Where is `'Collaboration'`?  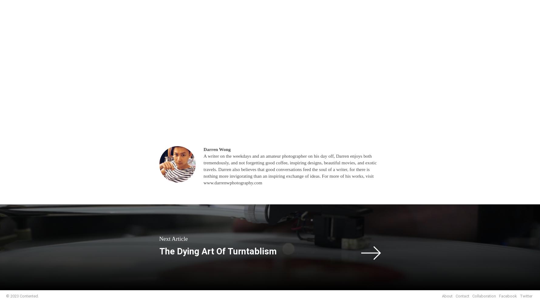
'Collaboration' is located at coordinates (484, 296).